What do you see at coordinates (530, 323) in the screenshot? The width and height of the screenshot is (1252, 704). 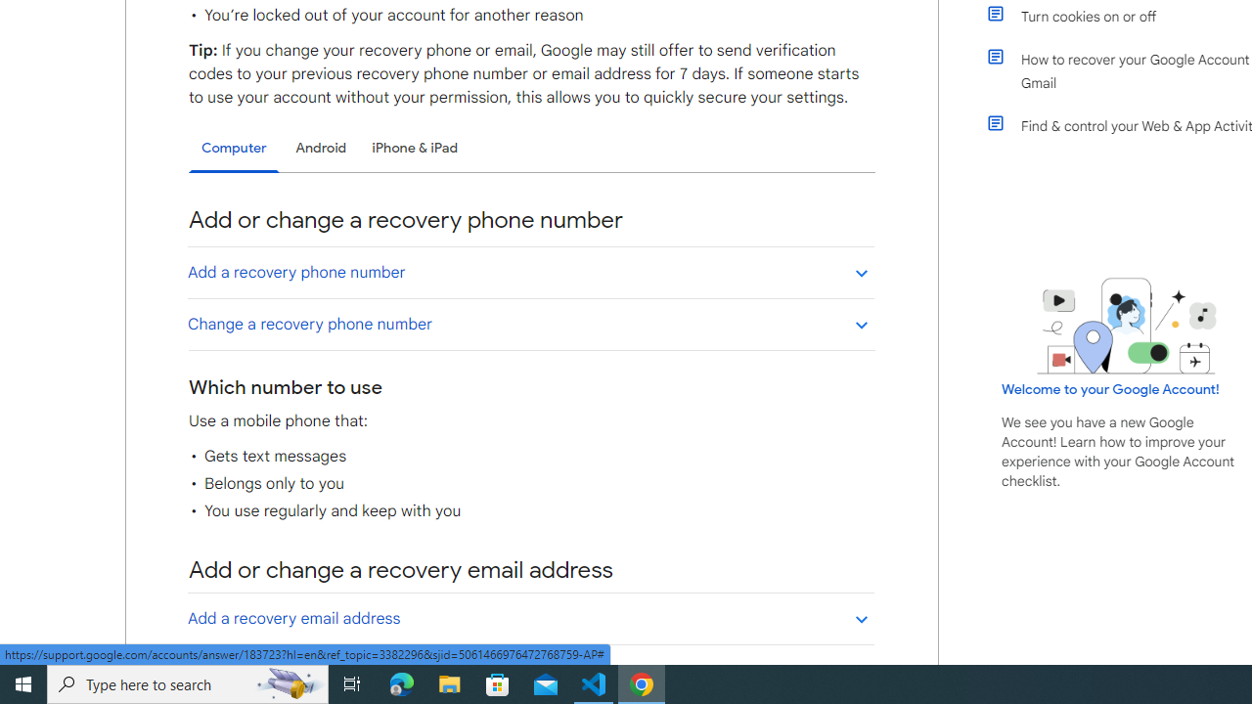 I see `'Change a recovery phone number'` at bounding box center [530, 323].